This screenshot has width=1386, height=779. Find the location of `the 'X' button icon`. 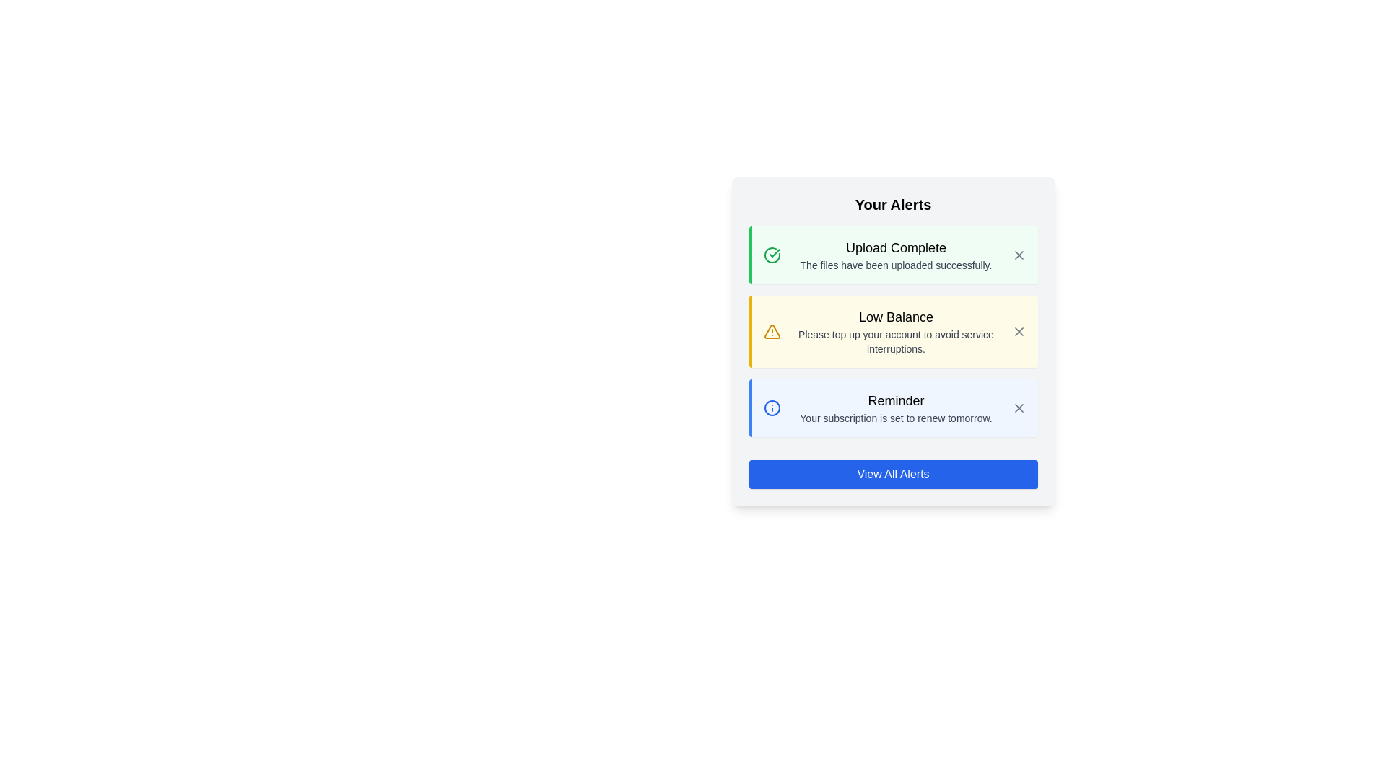

the 'X' button icon is located at coordinates (1018, 331).